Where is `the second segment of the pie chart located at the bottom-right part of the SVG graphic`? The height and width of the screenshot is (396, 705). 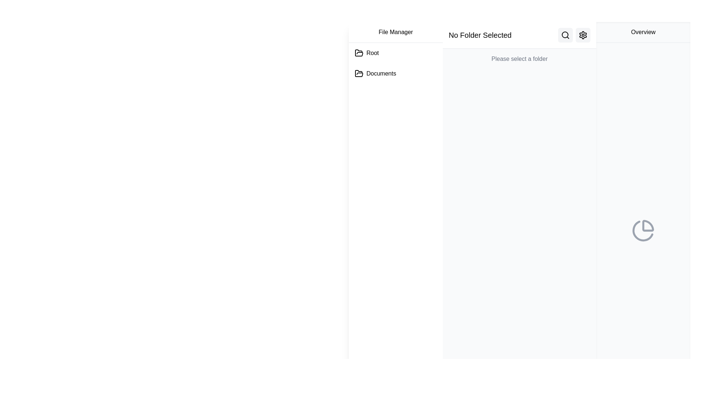
the second segment of the pie chart located at the bottom-right part of the SVG graphic is located at coordinates (643, 230).